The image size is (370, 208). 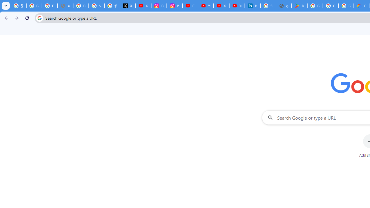 I want to click on 'YouTube Content Monetization Policies - How YouTube Works', so click(x=143, y=6).